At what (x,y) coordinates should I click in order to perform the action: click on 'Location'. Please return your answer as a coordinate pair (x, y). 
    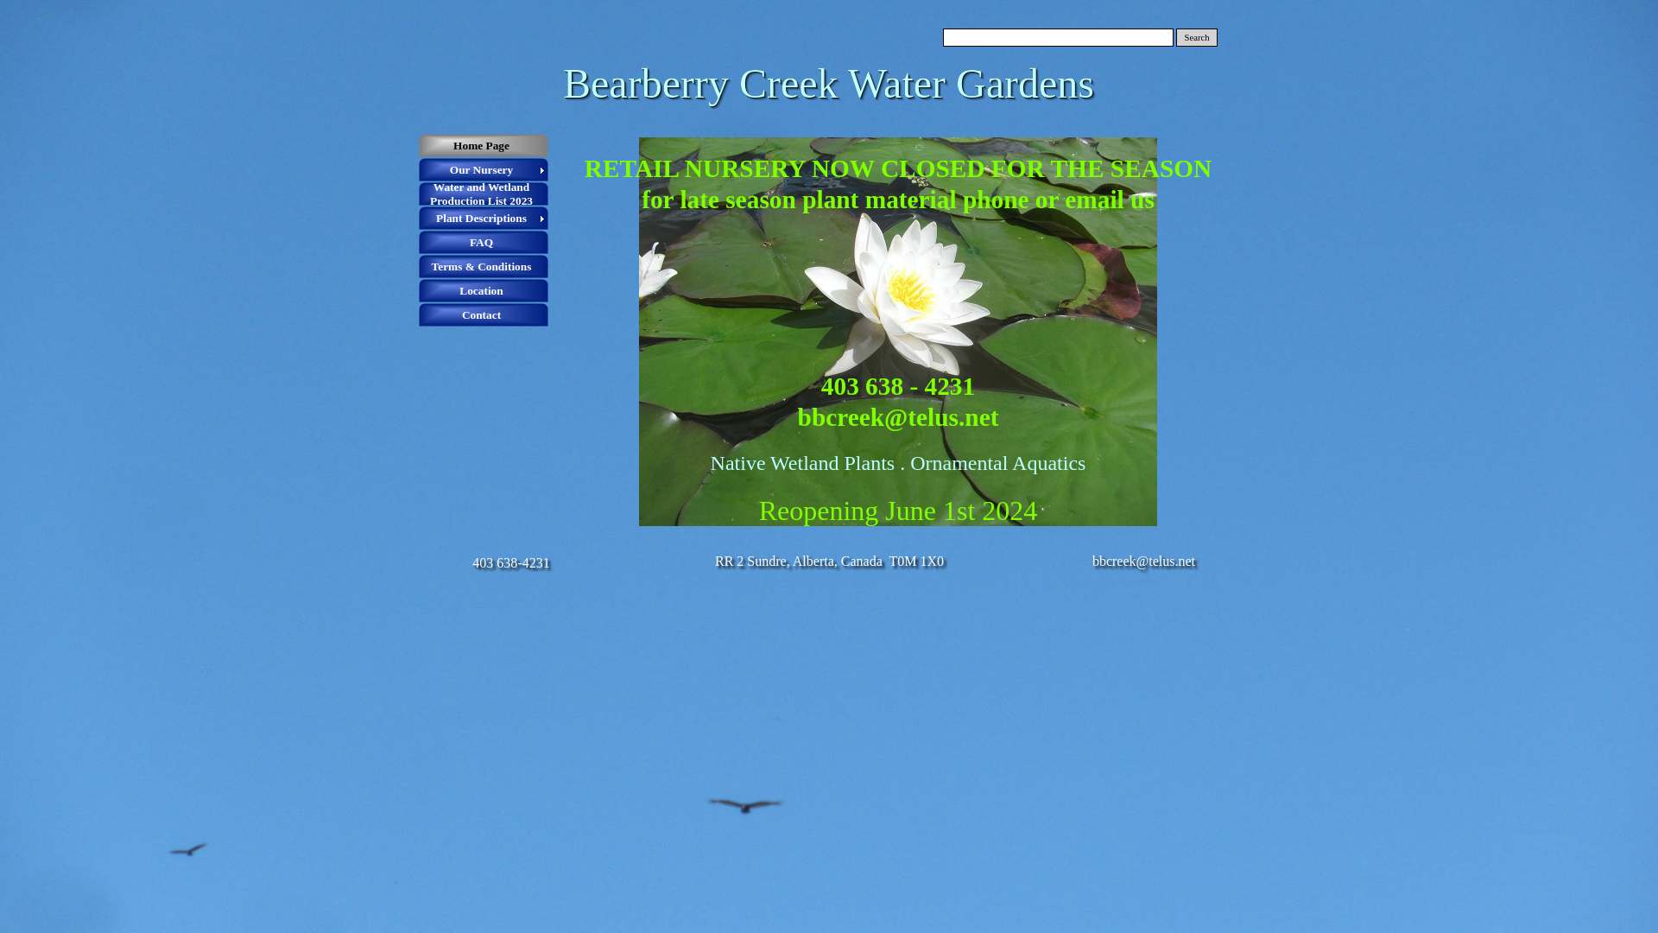
    Looking at the image, I should click on (418, 289).